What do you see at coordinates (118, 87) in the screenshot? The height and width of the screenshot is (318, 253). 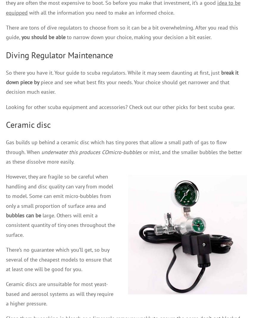 I see `'piece and see what best fits your needs. Your choice should get narrower and that decision much easier.'` at bounding box center [118, 87].